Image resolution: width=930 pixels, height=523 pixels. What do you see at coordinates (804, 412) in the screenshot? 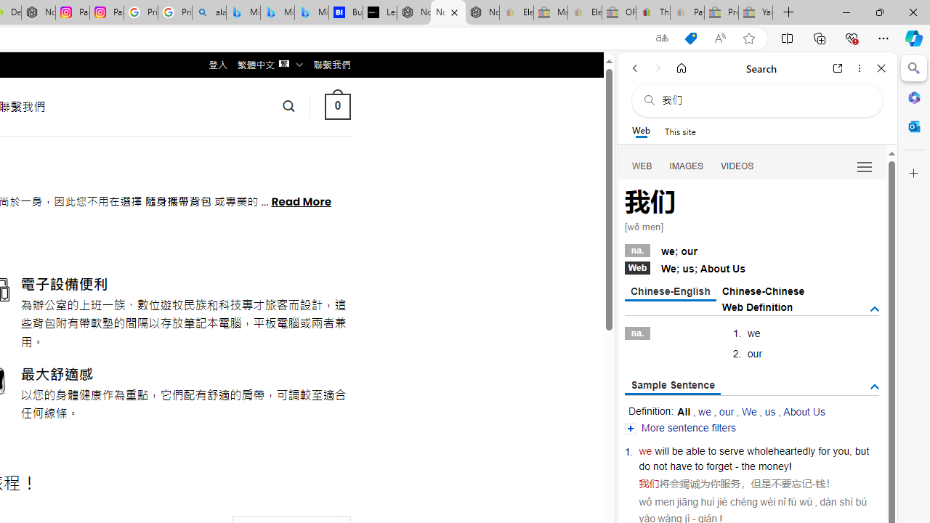
I see `'About Us'` at bounding box center [804, 412].